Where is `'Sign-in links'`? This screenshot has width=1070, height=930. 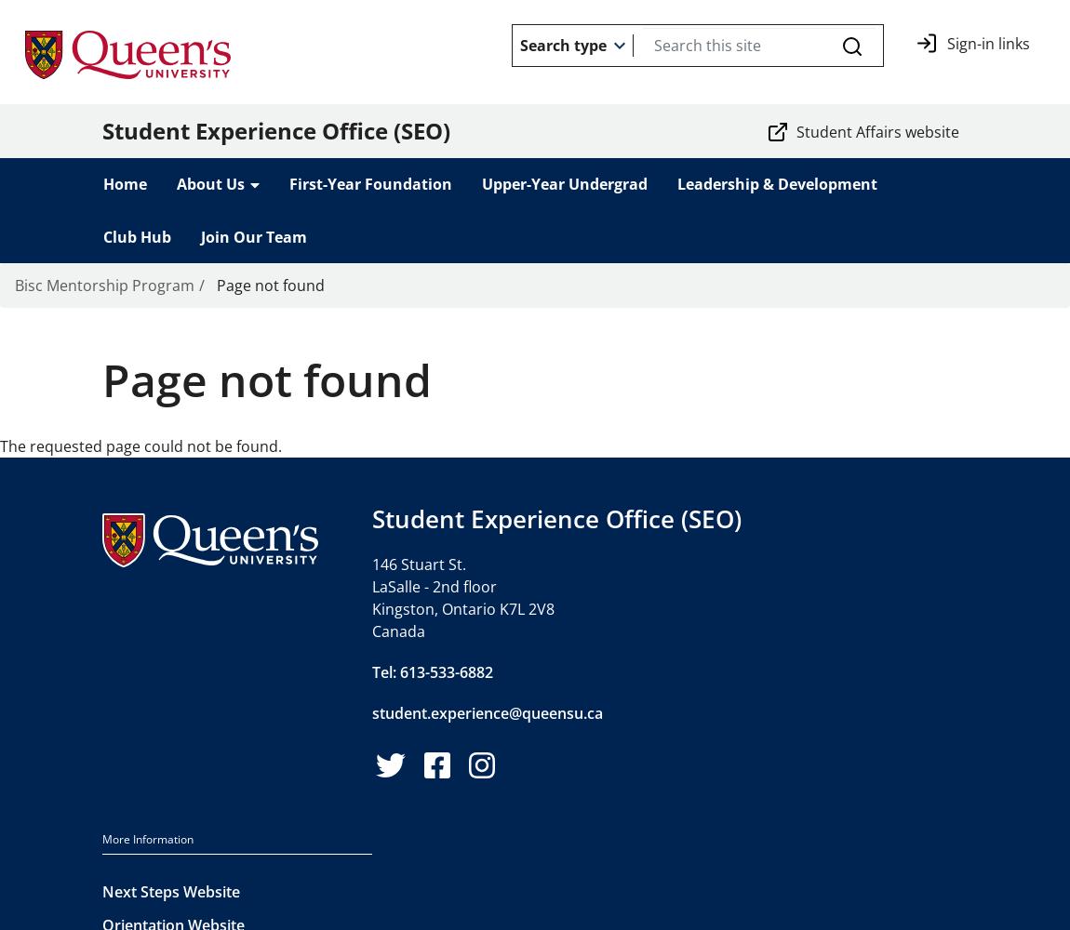 'Sign-in links' is located at coordinates (988, 44).